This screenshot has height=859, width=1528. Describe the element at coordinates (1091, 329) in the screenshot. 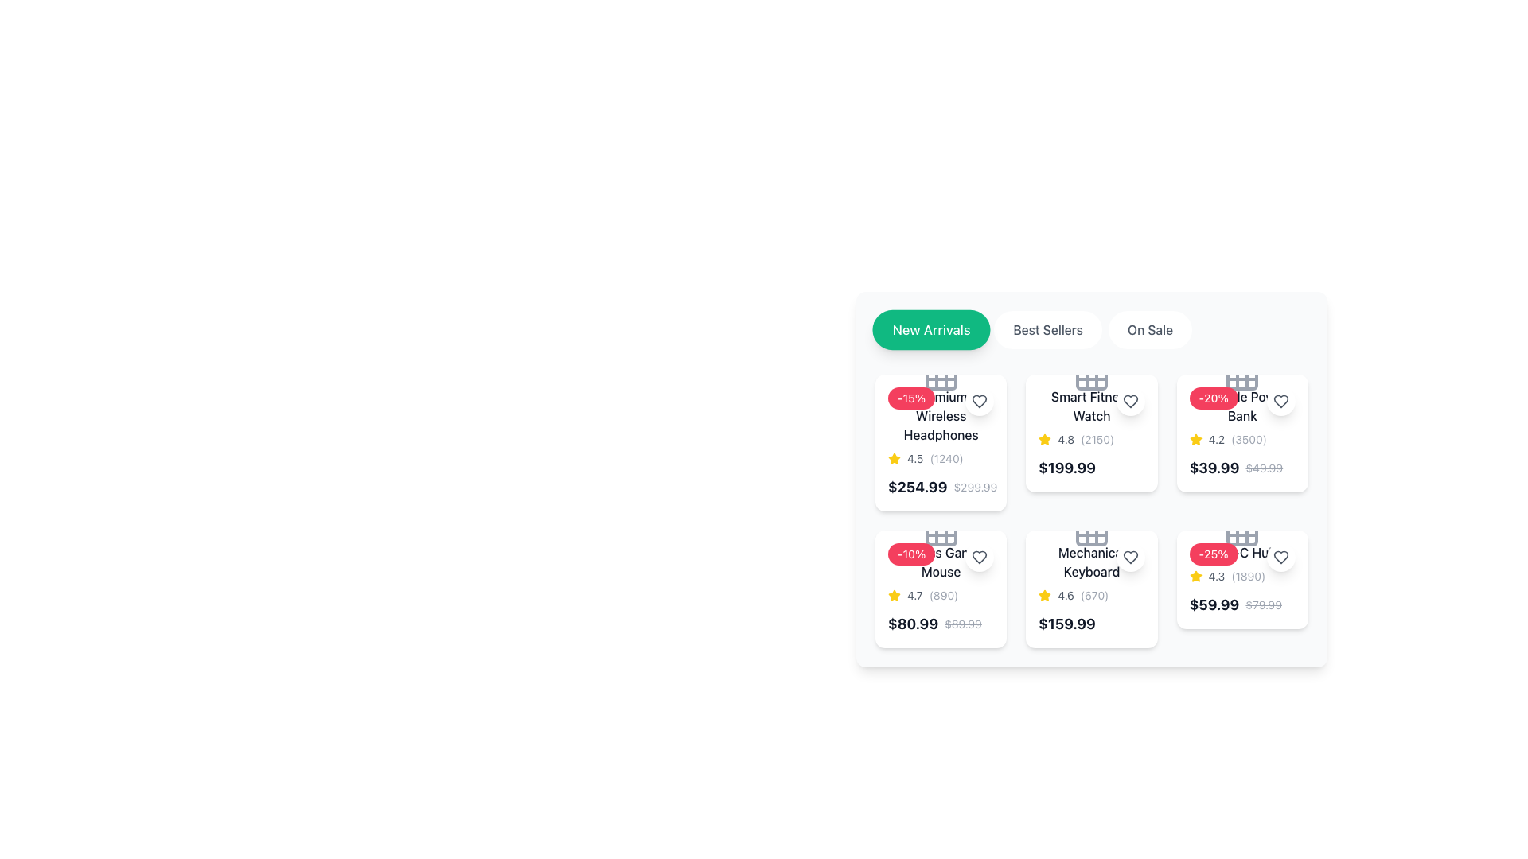

I see `the 'Best Sellers' button on the segmented control bar to filter products` at that location.